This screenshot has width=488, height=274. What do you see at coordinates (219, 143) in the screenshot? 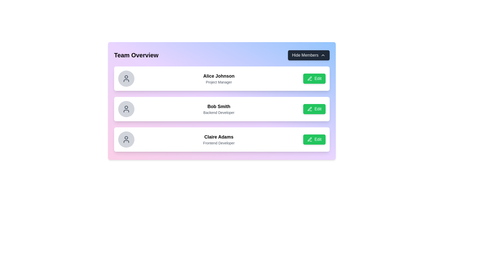
I see `text label indicating the role or title of 'Claire Adams', located centrally below her name within the third card in the team member's vertical list` at bounding box center [219, 143].